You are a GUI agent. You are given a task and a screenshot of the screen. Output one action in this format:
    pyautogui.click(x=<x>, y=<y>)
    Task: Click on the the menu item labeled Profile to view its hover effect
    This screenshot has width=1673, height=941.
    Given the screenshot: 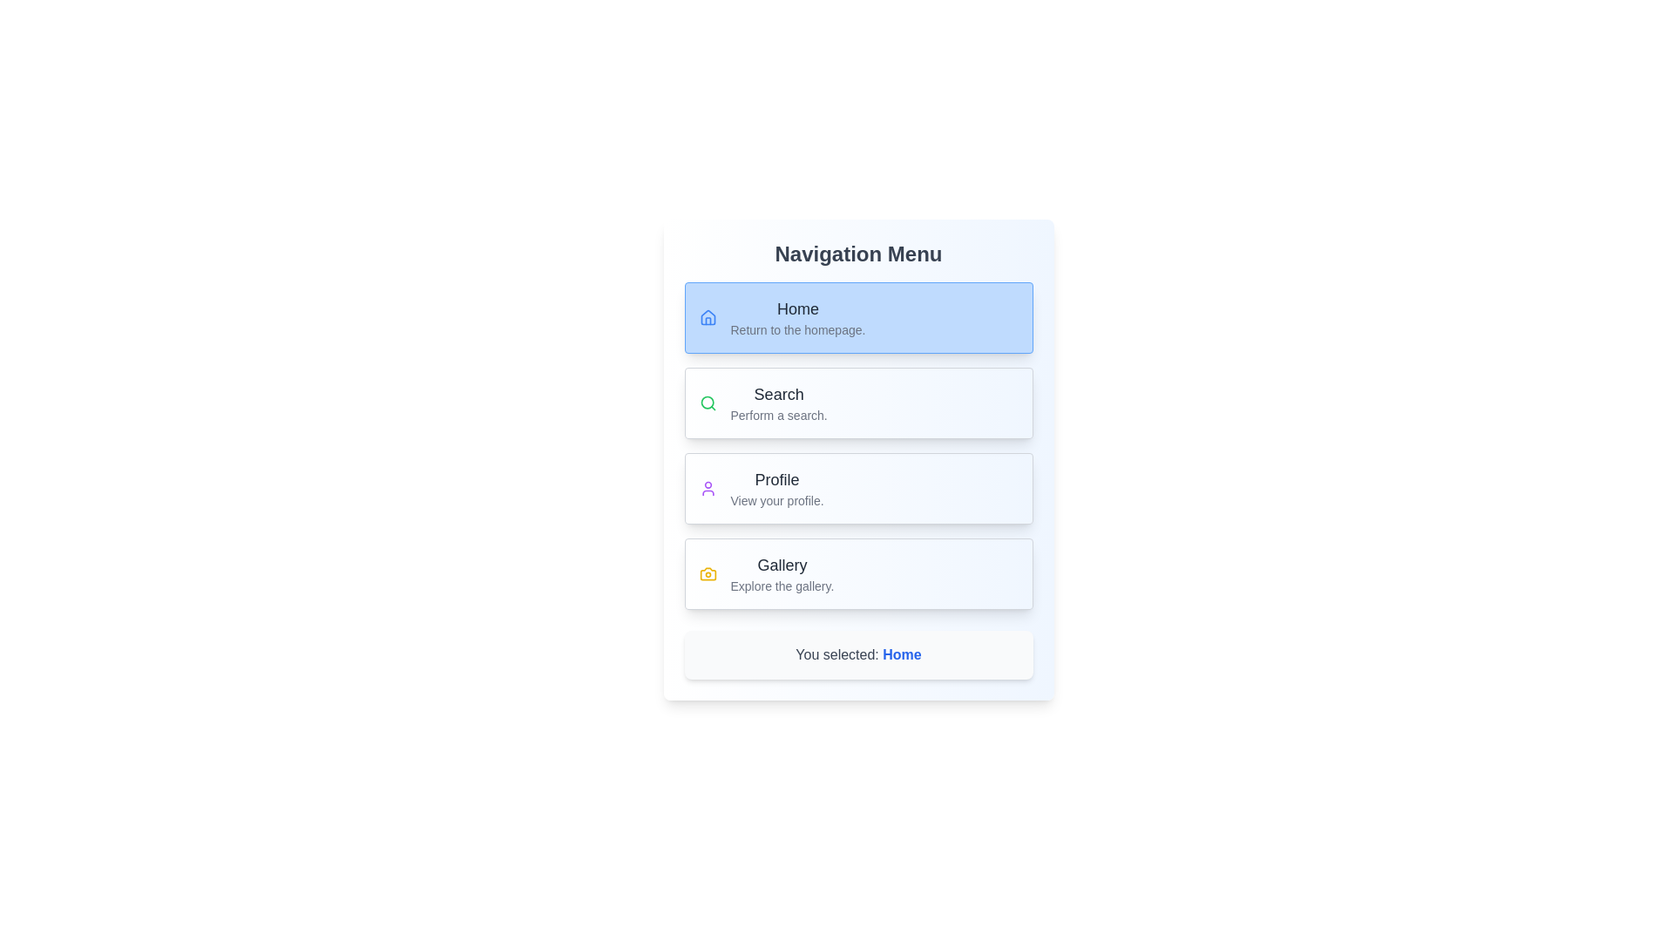 What is the action you would take?
    pyautogui.click(x=858, y=488)
    